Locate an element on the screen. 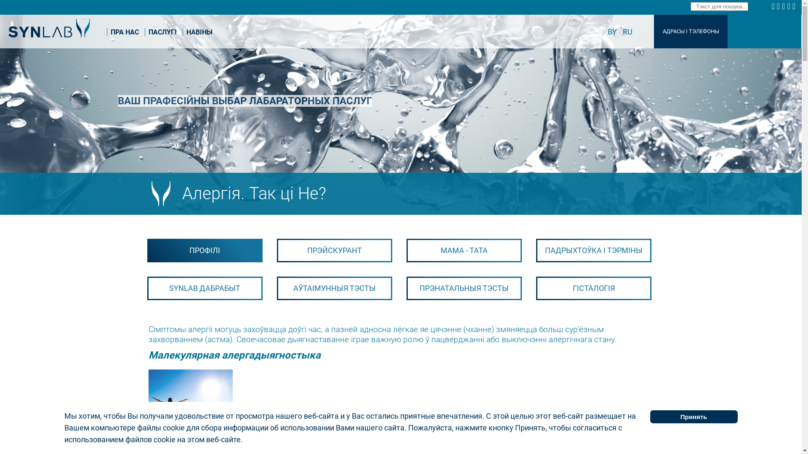 The width and height of the screenshot is (808, 454). 'Instagram' is located at coordinates (784, 6).